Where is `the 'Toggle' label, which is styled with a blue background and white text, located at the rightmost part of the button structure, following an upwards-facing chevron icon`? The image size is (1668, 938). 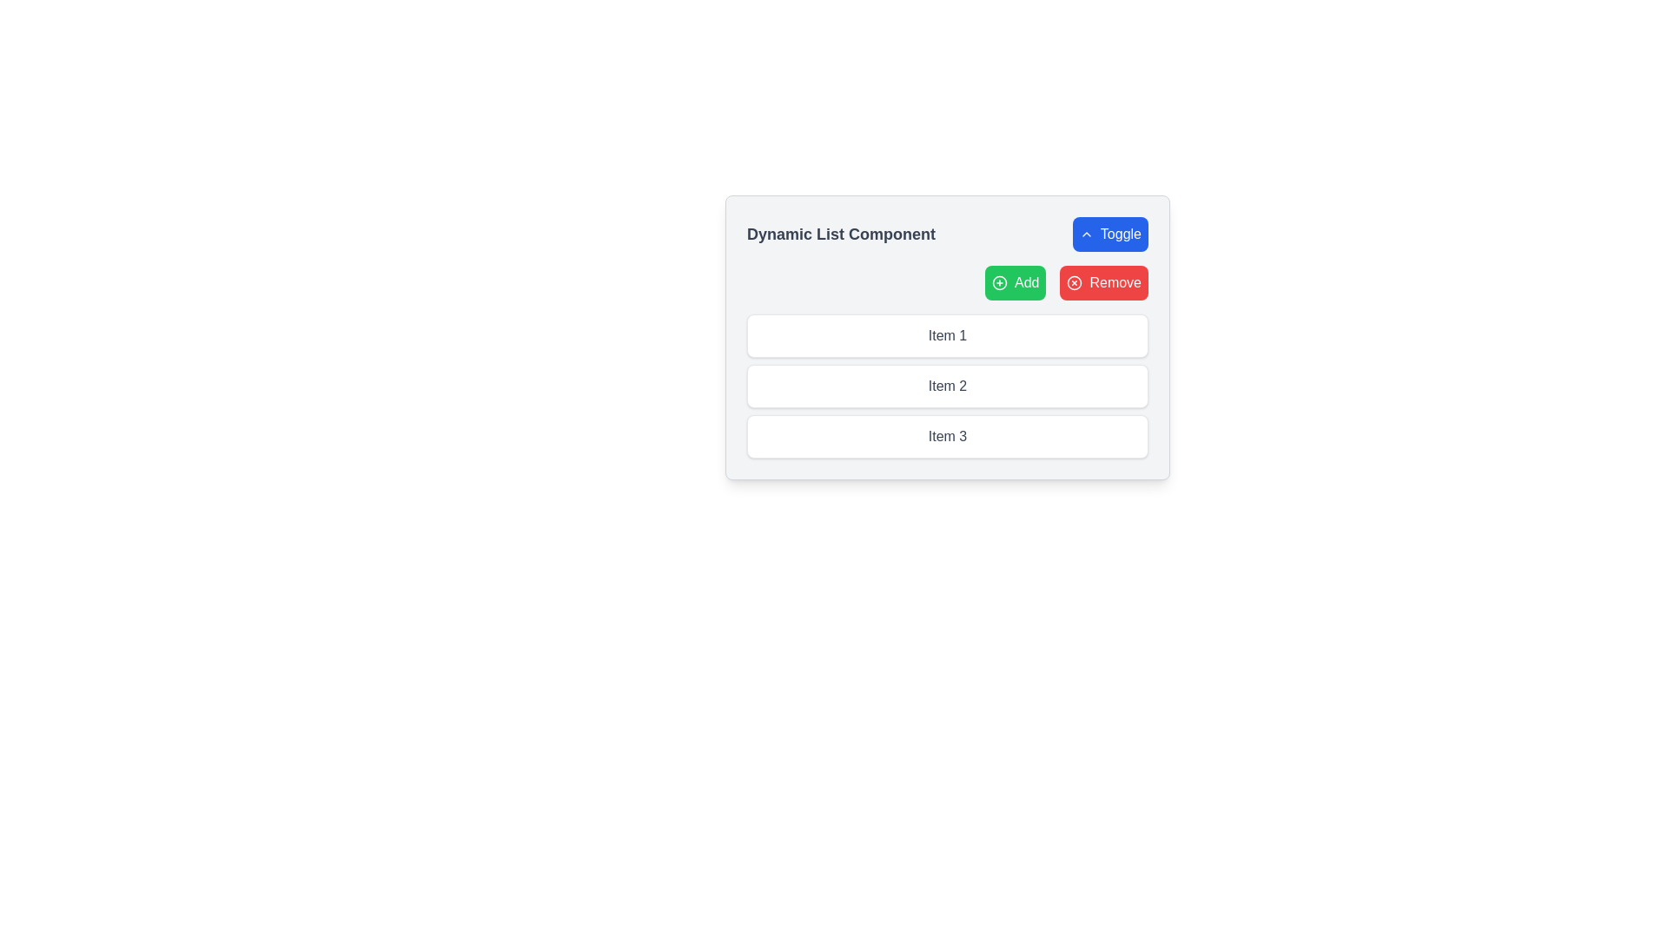
the 'Toggle' label, which is styled with a blue background and white text, located at the rightmost part of the button structure, following an upwards-facing chevron icon is located at coordinates (1121, 234).